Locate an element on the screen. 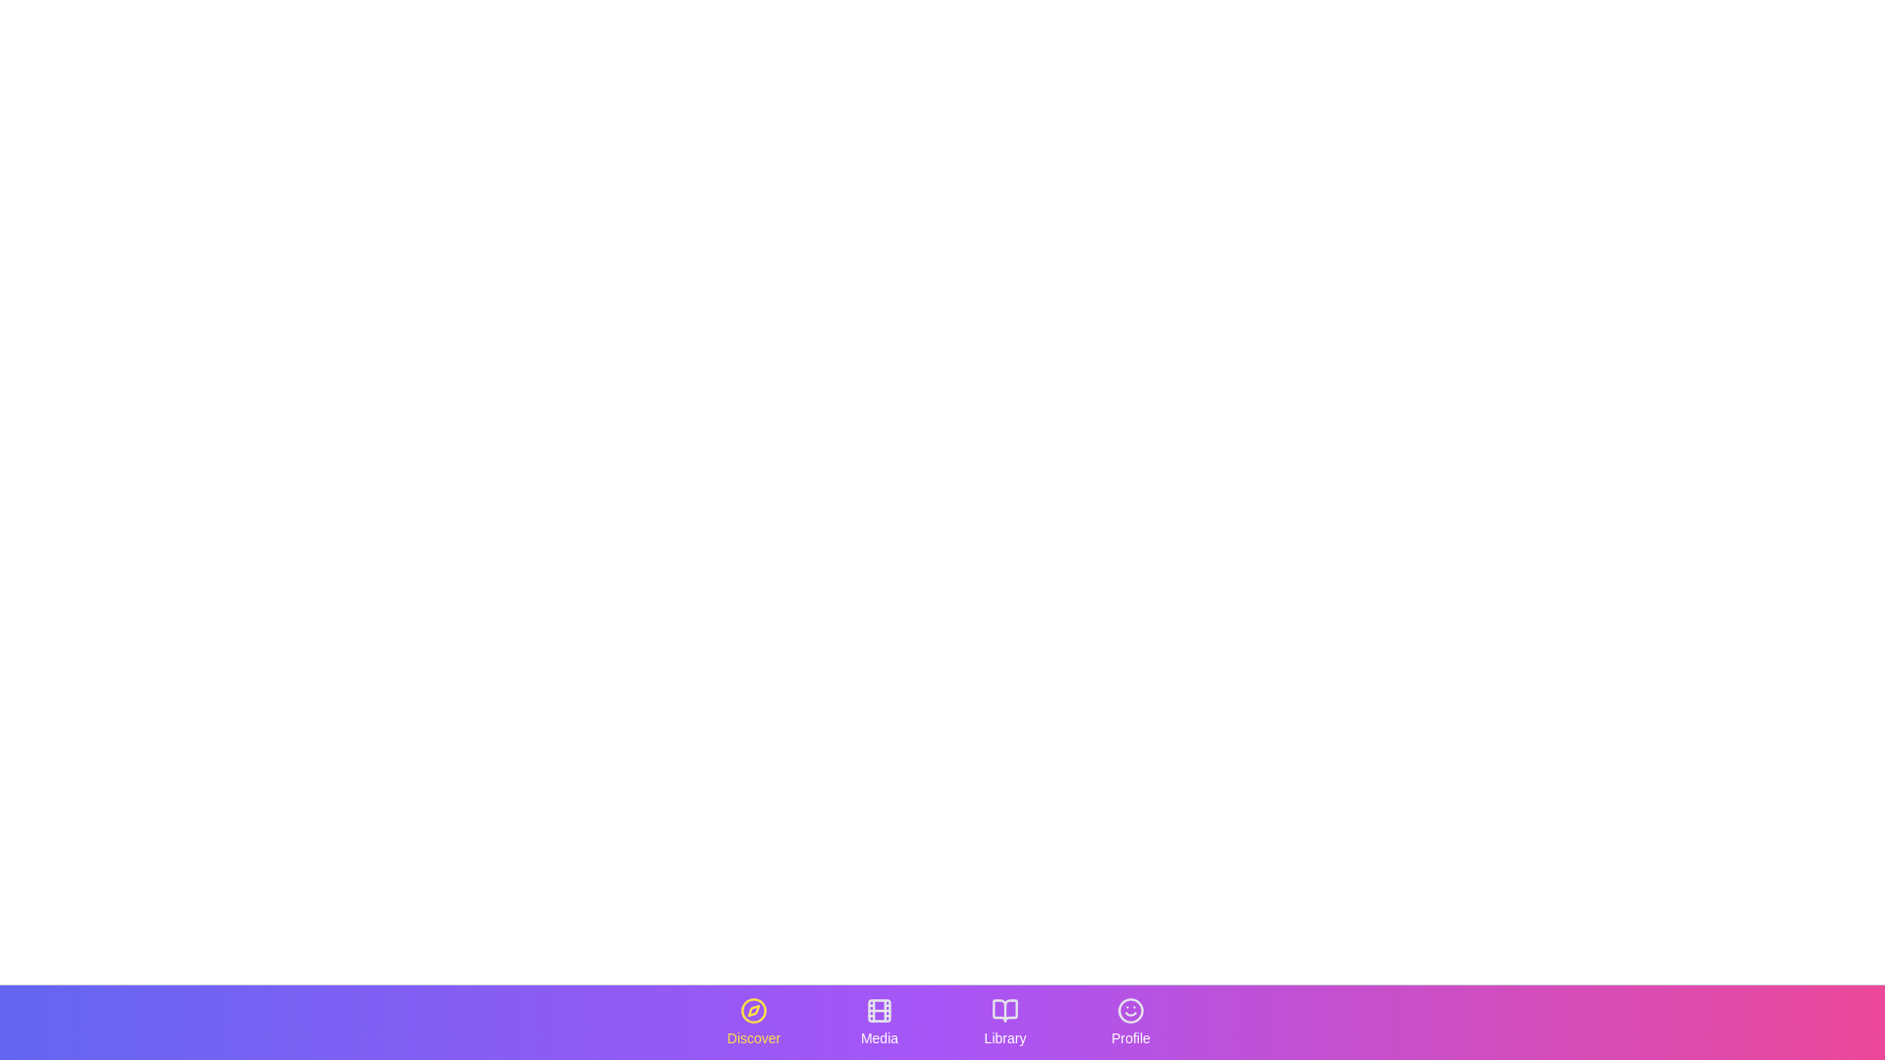 Image resolution: width=1885 pixels, height=1060 pixels. the tab labeled Profile to observe the hover animation effect is located at coordinates (1131, 1021).